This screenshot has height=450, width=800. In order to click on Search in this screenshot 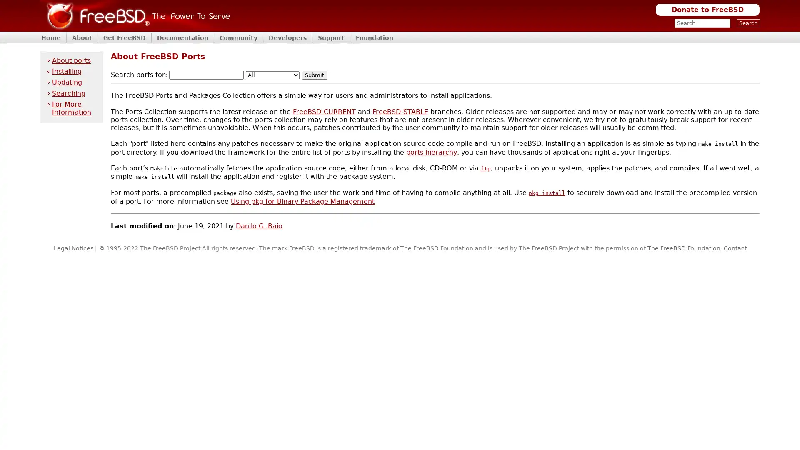, I will do `click(748, 22)`.